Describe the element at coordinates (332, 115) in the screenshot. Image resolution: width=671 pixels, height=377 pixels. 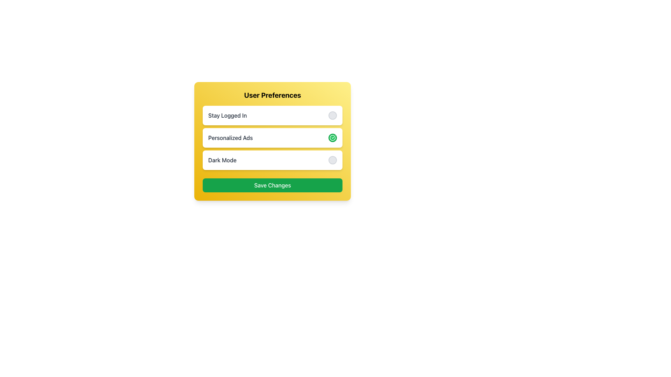
I see `the toggle button for the 'Stay Logged In' preference located in the top right corner of its row` at that location.